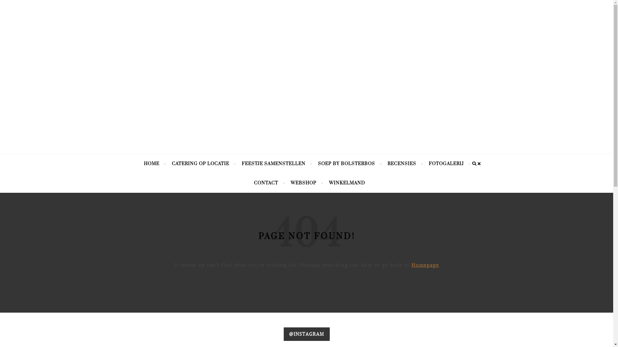 Image resolution: width=618 pixels, height=347 pixels. Describe the element at coordinates (306, 64) in the screenshot. I see `'Cateringservice Bolsterbos'` at that location.